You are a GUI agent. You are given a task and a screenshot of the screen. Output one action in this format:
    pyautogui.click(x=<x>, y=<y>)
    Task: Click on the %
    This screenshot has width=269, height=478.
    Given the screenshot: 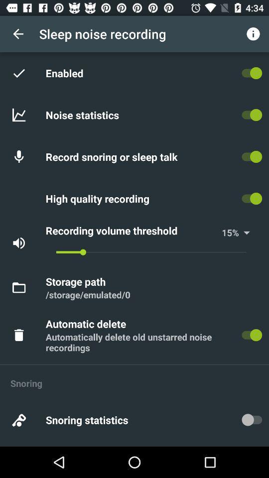 What is the action you would take?
    pyautogui.click(x=243, y=233)
    